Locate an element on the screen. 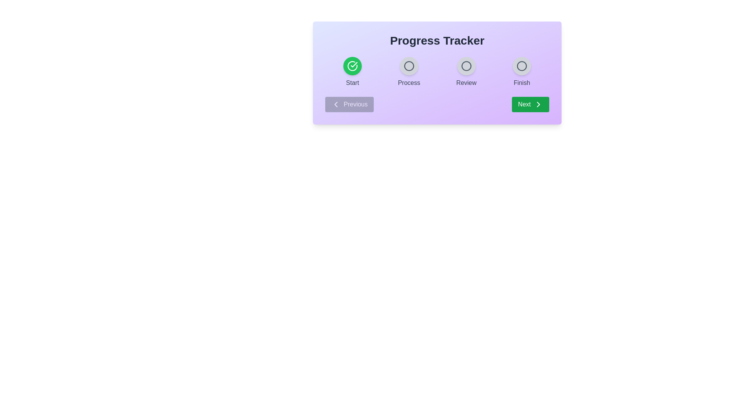 This screenshot has height=415, width=739. text of the 'Process' label, which is the second step in the progress tracker, located under the second step indicator is located at coordinates (408, 83).